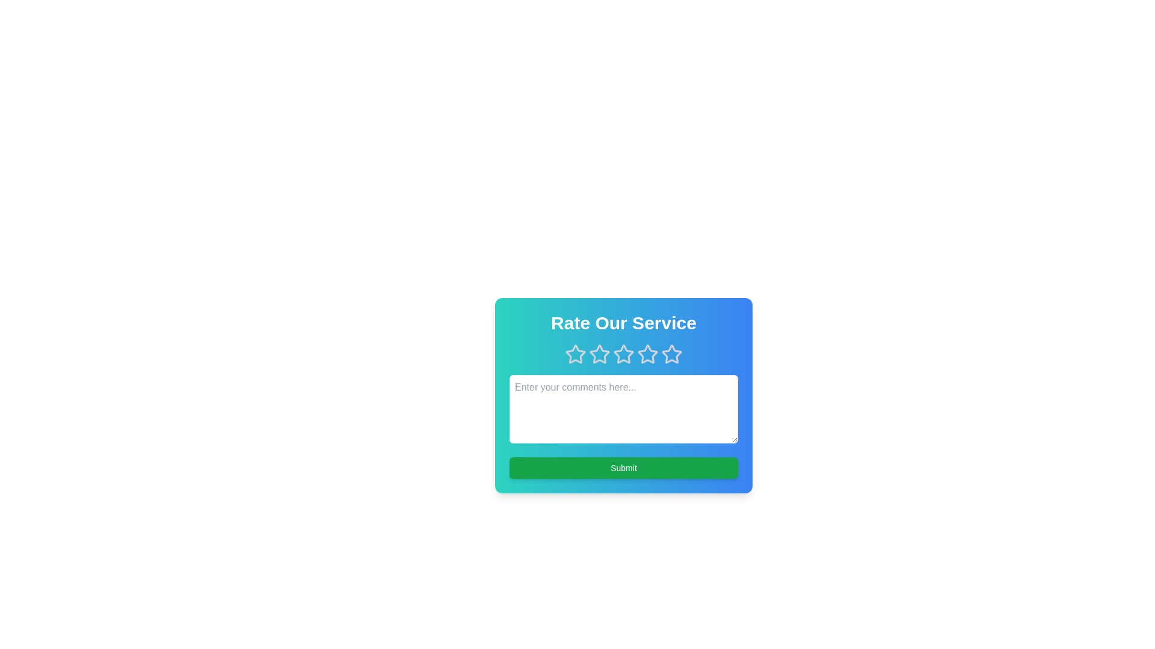 The height and width of the screenshot is (649, 1155). I want to click on the star corresponding to the desired rating value 4, so click(647, 354).